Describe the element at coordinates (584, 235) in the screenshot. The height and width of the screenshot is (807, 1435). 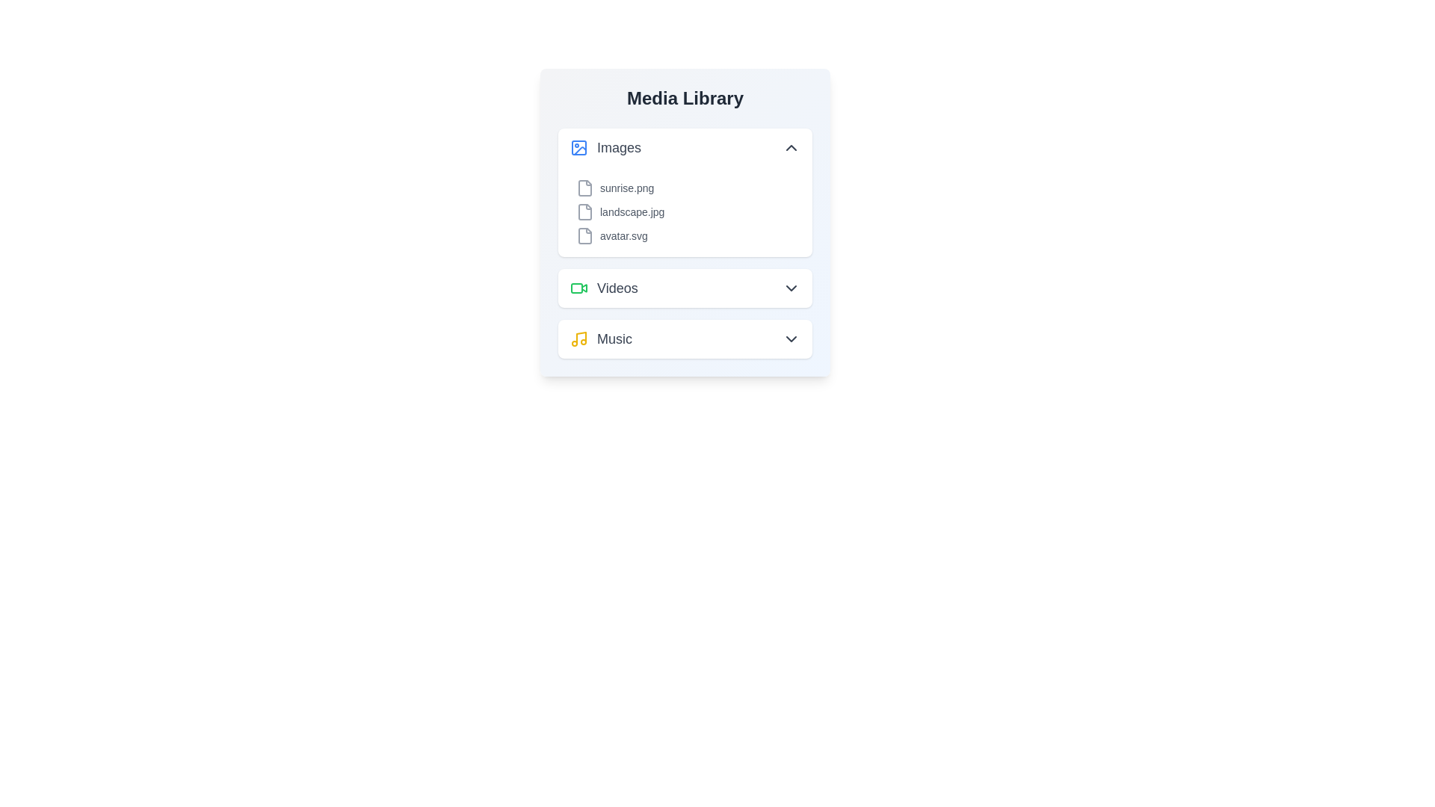
I see `the file or document type icon located below the corner fold line of a document icon in the 'Images' list` at that location.